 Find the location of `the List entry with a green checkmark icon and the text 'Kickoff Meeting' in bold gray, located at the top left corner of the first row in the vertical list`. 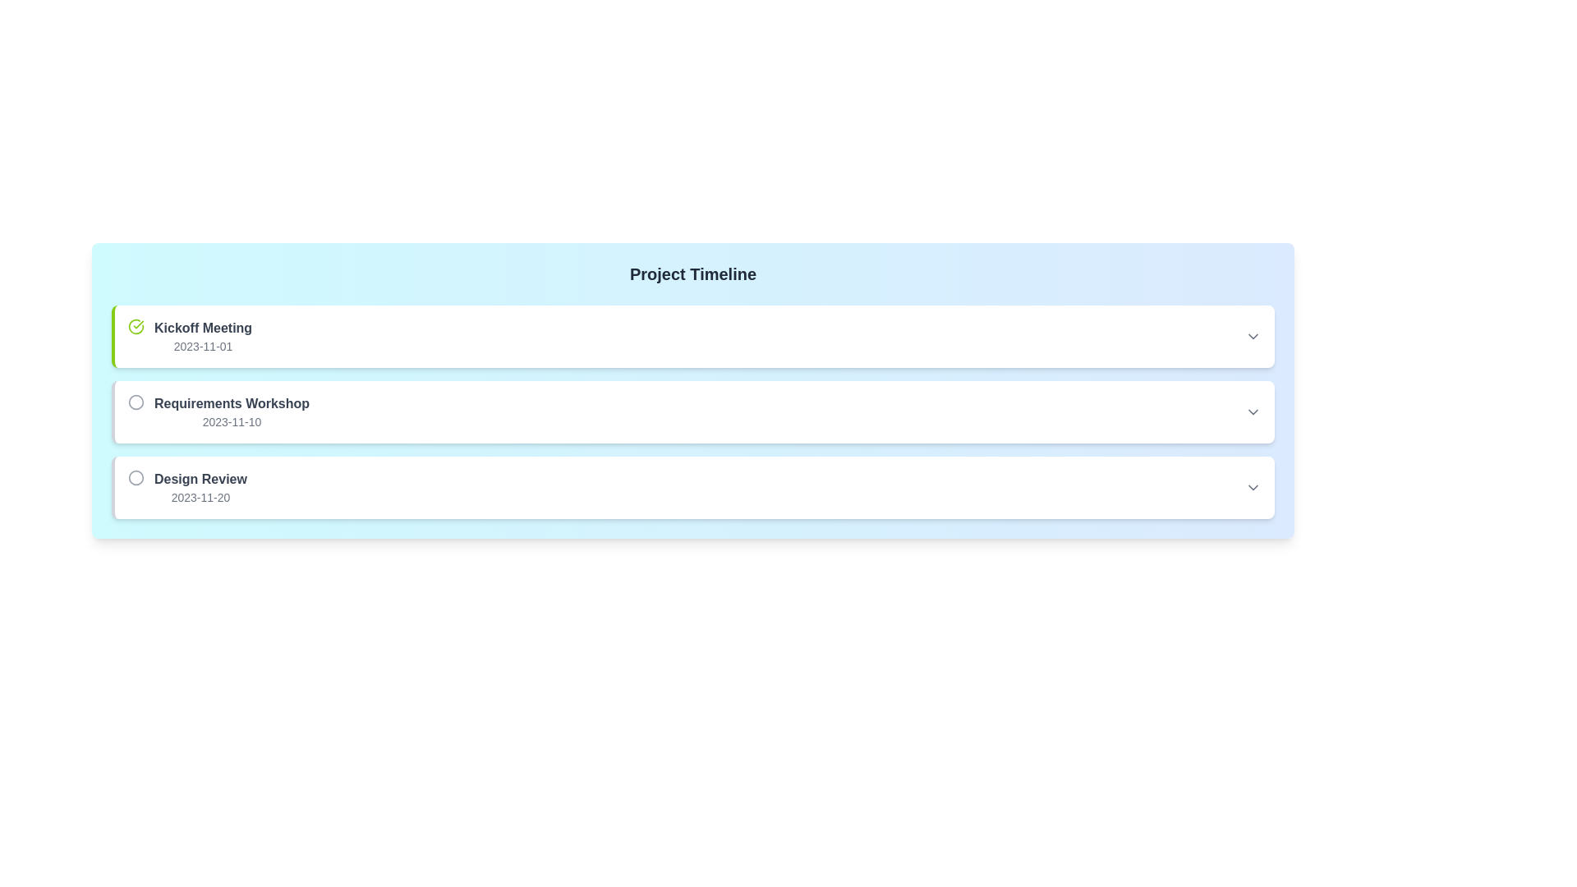

the List entry with a green checkmark icon and the text 'Kickoff Meeting' in bold gray, located at the top left corner of the first row in the vertical list is located at coordinates (190, 335).